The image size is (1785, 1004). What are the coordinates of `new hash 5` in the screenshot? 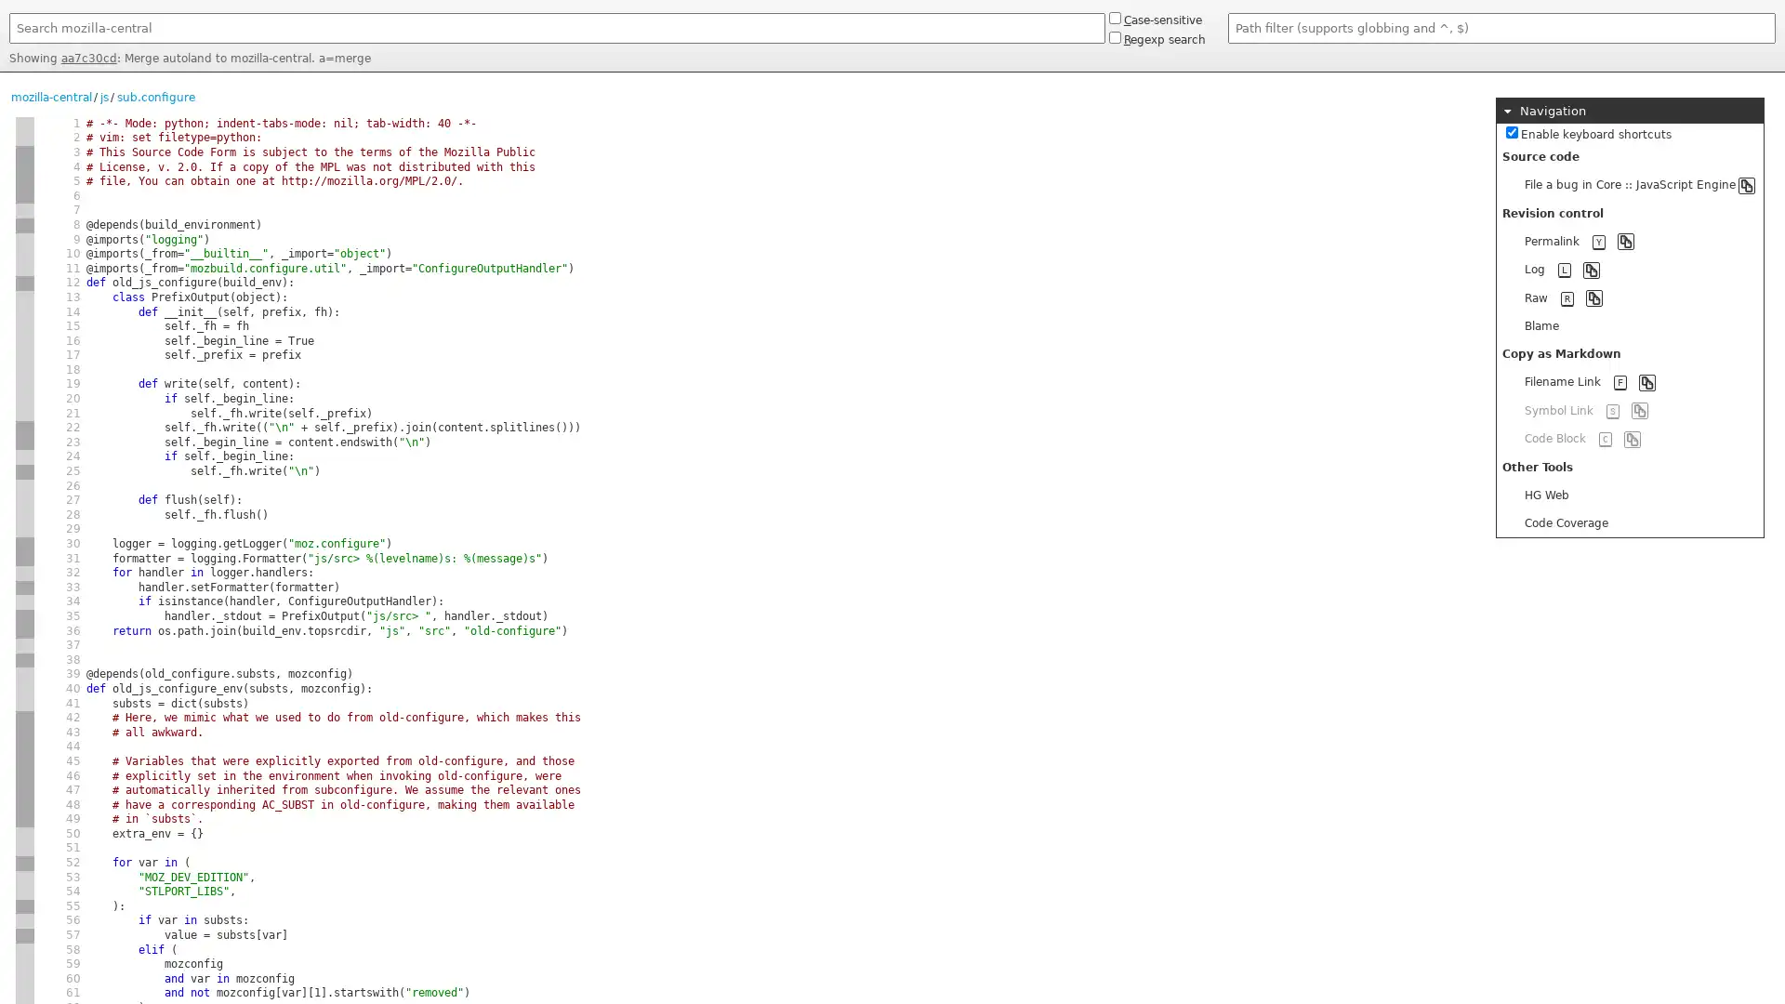 It's located at (25, 283).